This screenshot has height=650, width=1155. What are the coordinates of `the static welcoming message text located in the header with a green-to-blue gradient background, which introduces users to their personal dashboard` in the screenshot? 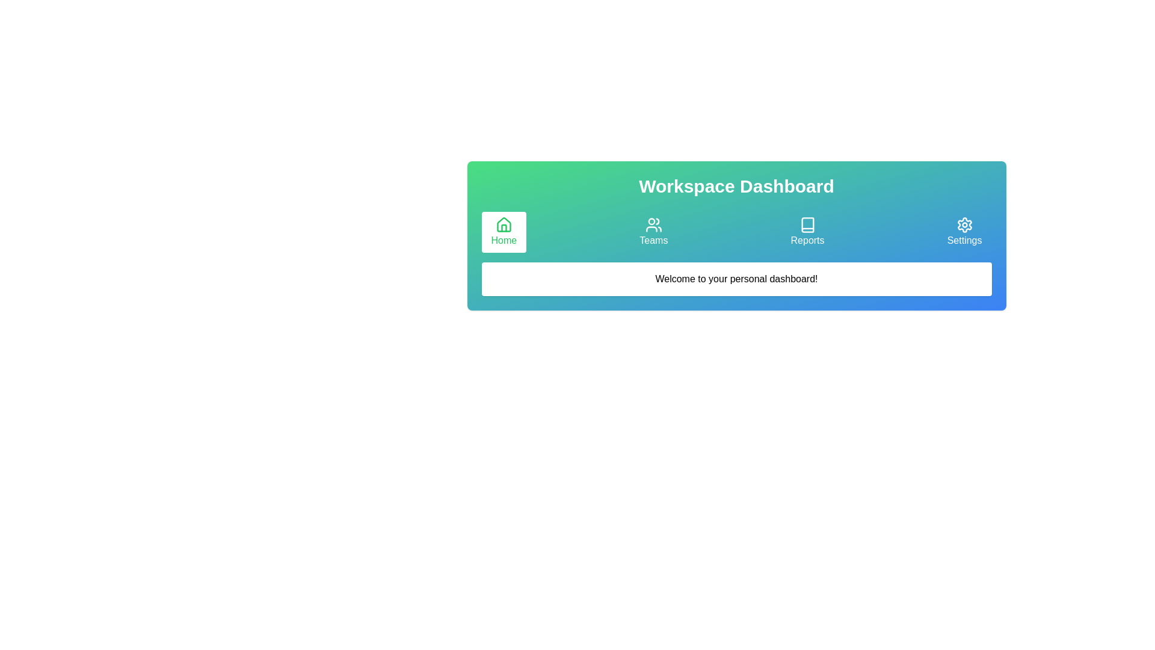 It's located at (736, 279).